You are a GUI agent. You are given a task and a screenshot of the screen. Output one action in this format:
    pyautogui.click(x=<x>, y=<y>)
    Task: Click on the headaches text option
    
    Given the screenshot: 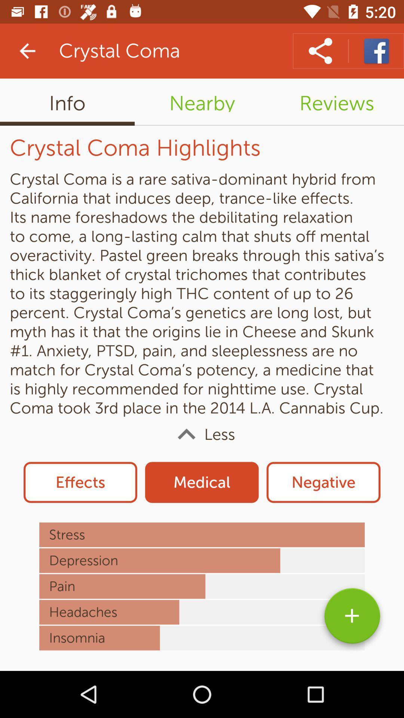 What is the action you would take?
    pyautogui.click(x=202, y=612)
    